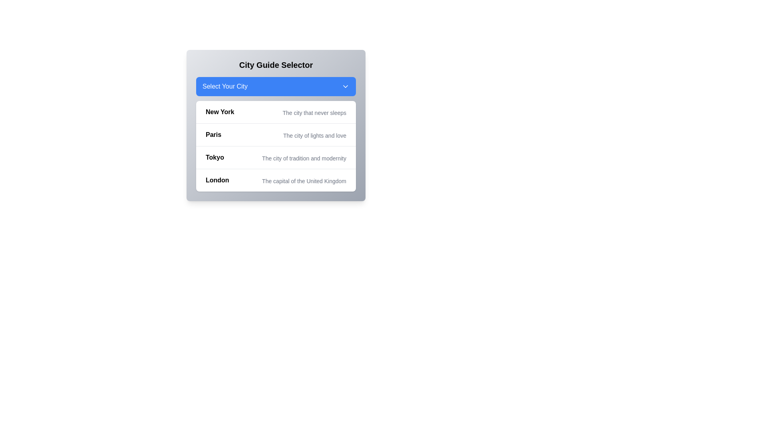  I want to click on the Static text header that serves as the title of the city guide selection interface, located at the top of the card layout, above the 'Select Your City' button, so click(276, 64).